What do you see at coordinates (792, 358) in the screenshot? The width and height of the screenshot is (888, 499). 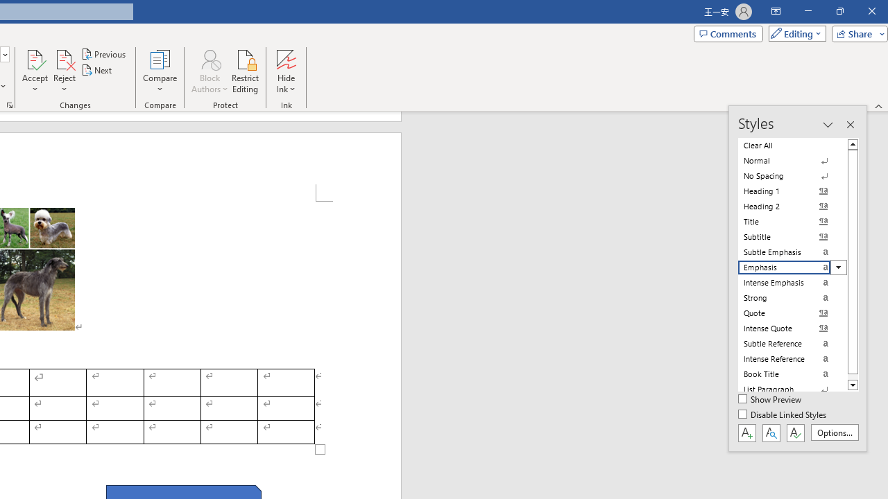 I see `'Intense Reference'` at bounding box center [792, 358].